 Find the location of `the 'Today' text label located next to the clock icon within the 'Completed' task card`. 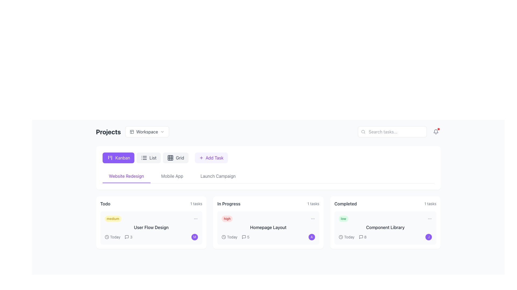

the 'Today' text label located next to the clock icon within the 'Completed' task card is located at coordinates (349, 237).